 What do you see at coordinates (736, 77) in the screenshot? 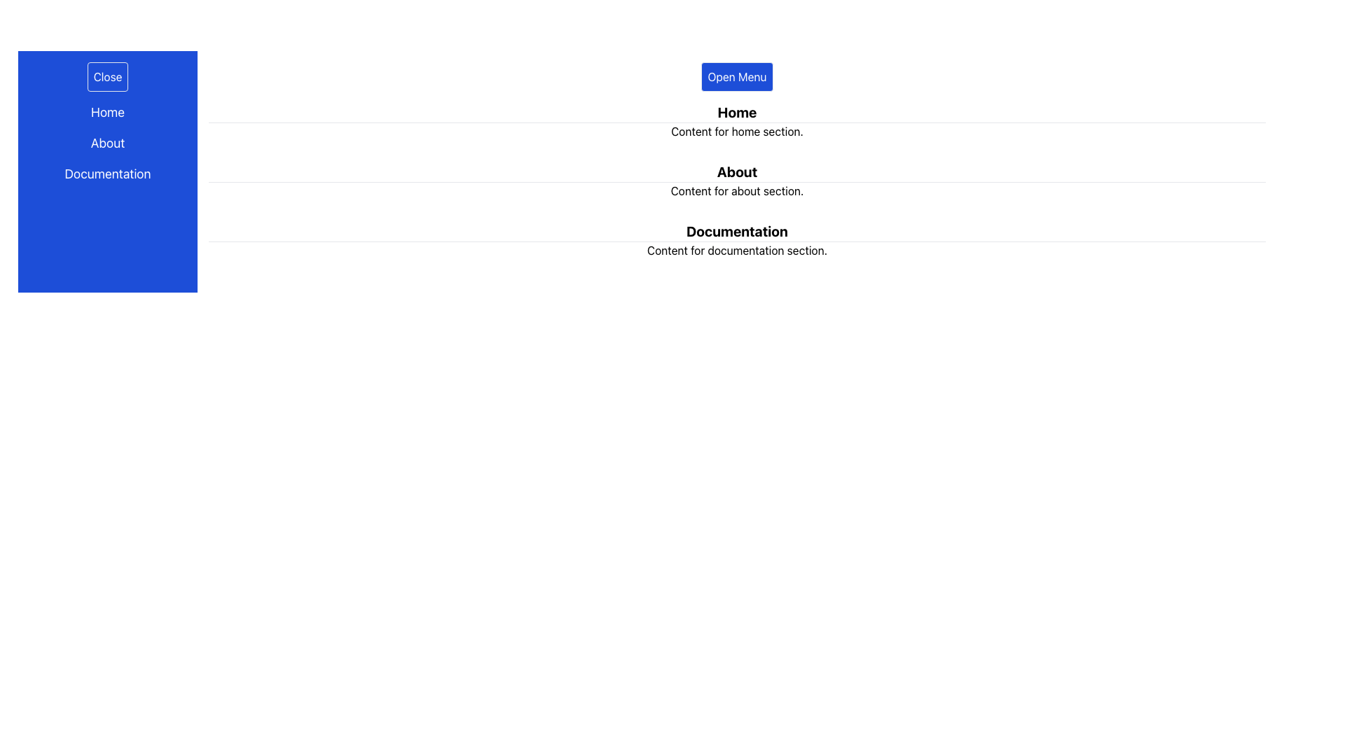
I see `the blue rectangular button labeled 'Open Menu'` at bounding box center [736, 77].